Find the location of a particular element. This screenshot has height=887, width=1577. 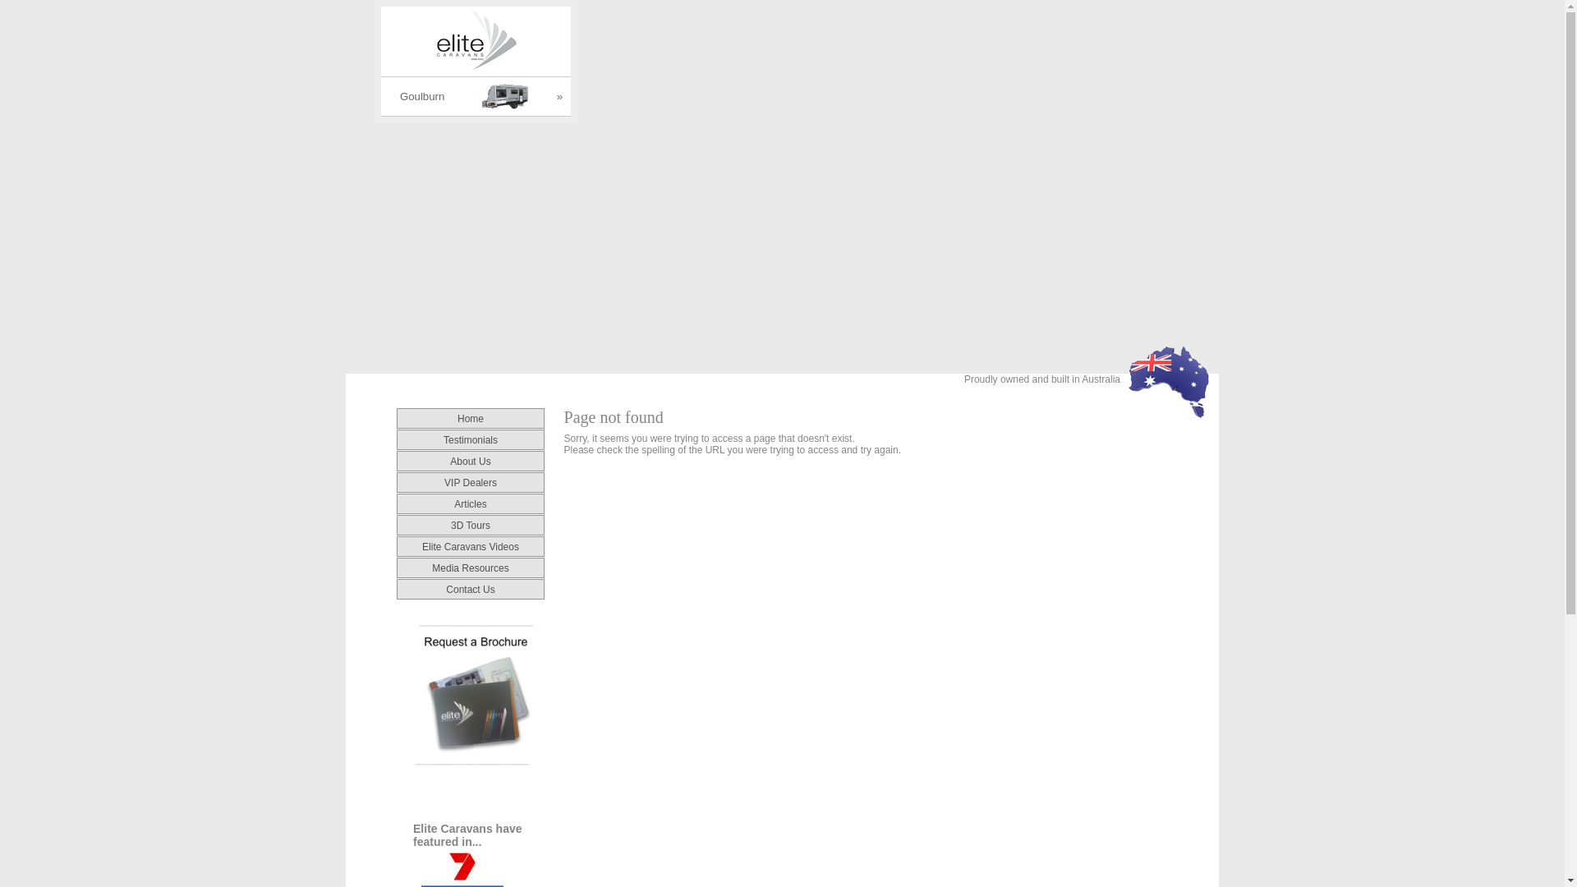

'Media Resources' is located at coordinates (469, 566).